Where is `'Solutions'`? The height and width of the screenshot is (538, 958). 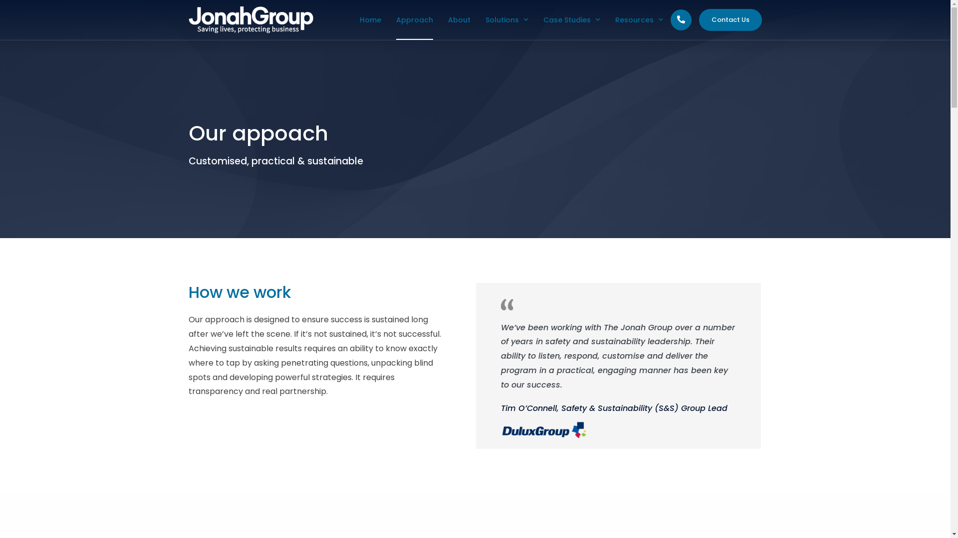 'Solutions' is located at coordinates (485, 19).